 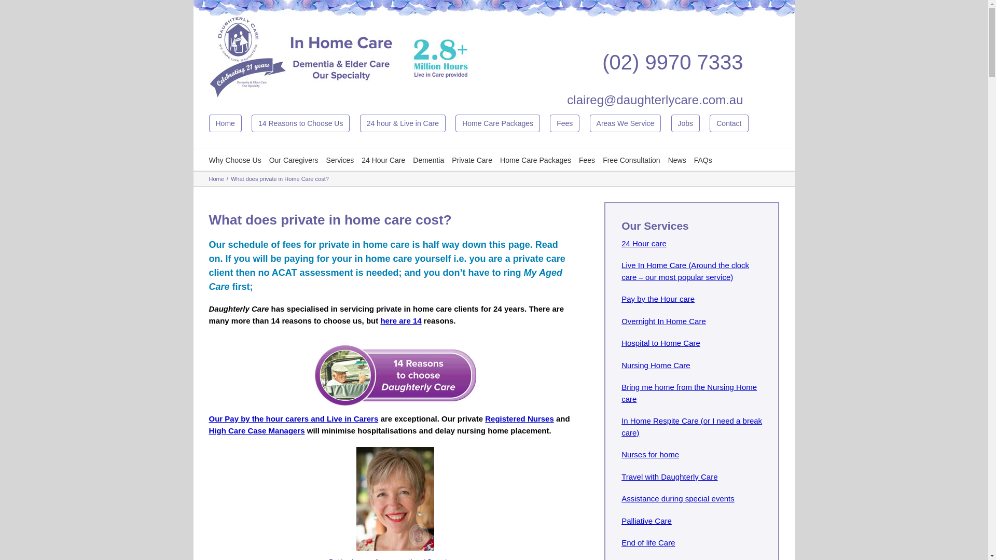 I want to click on 'Registered Nurses', so click(x=519, y=418).